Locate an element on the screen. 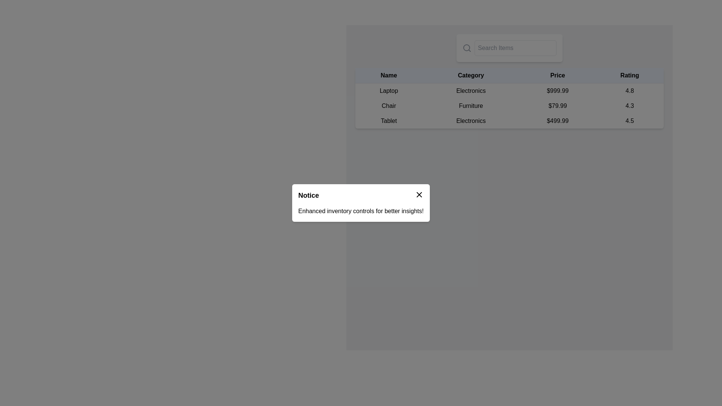 This screenshot has height=406, width=722. the text label displaying 'Notice' in bold, large black font within the notification header area is located at coordinates (308, 195).